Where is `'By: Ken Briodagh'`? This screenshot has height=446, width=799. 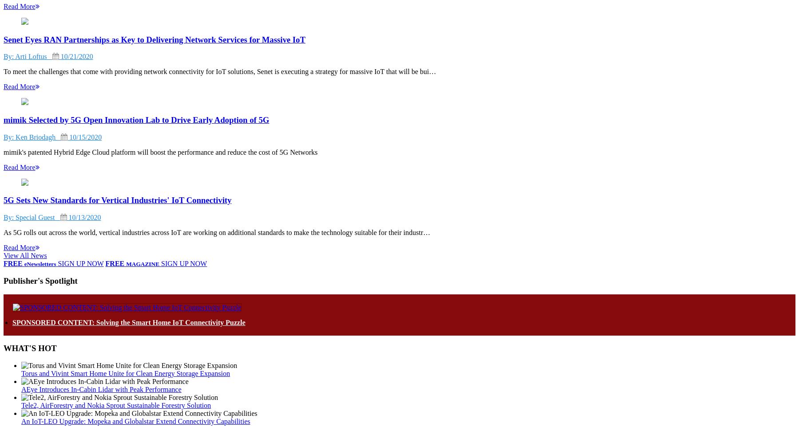 'By: Ken Briodagh' is located at coordinates (32, 136).